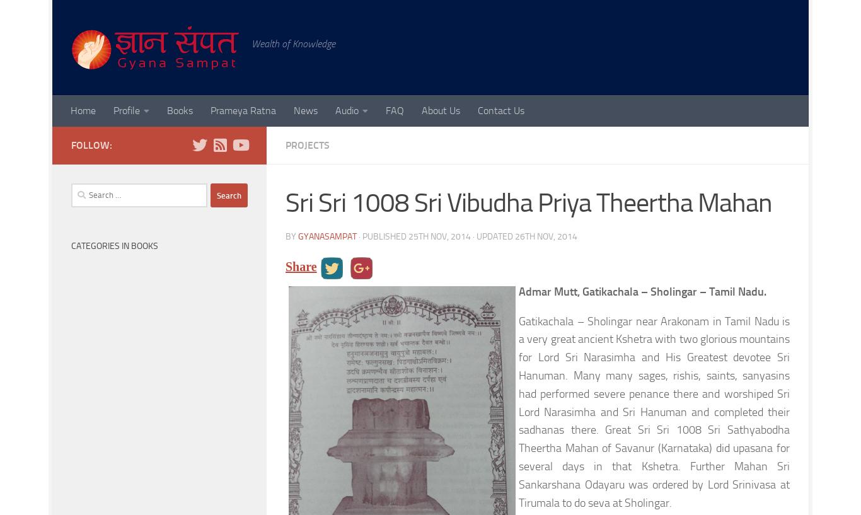 This screenshot has width=861, height=515. What do you see at coordinates (654, 412) in the screenshot?
I see `'Gatikachala – Sholingar near Arakonam in Tamil Nadu is a very great ancient Kshetra with two glorious mountains for Lord Sri Narasimha and His Greatest devotee Sri Hanuman. Many many sages, rishis, saints, sanyasins had performed severe penance there and worshiped Sri Lord Narasimha and Sri Hanuman and completed their sadhanas there. Great Sri Sri 1008 Sri Sathyabodha Theertha Mahan of Savanur (Karnataka) did upasana for several days in that Kshetra. Further Mahan Sri Sankarshana Odayaru was ordered by Lord Srinivasa at Tirumala to do seva at Sholingar.'` at bounding box center [654, 412].